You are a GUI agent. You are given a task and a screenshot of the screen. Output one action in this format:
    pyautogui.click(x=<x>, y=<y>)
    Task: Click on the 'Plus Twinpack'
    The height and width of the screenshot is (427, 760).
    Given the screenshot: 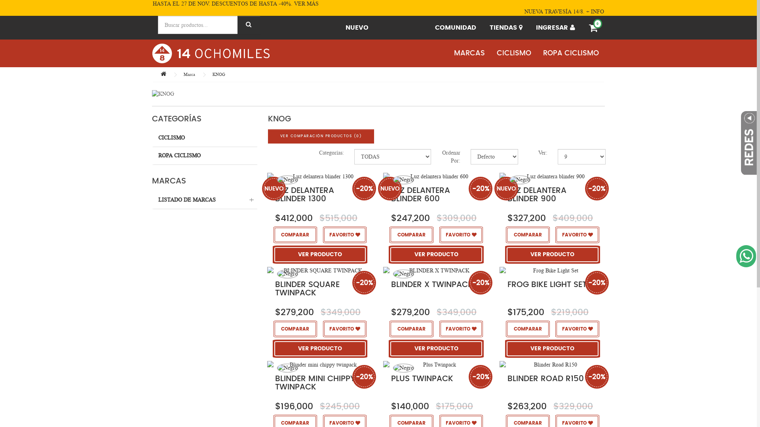 What is the action you would take?
    pyautogui.click(x=435, y=364)
    